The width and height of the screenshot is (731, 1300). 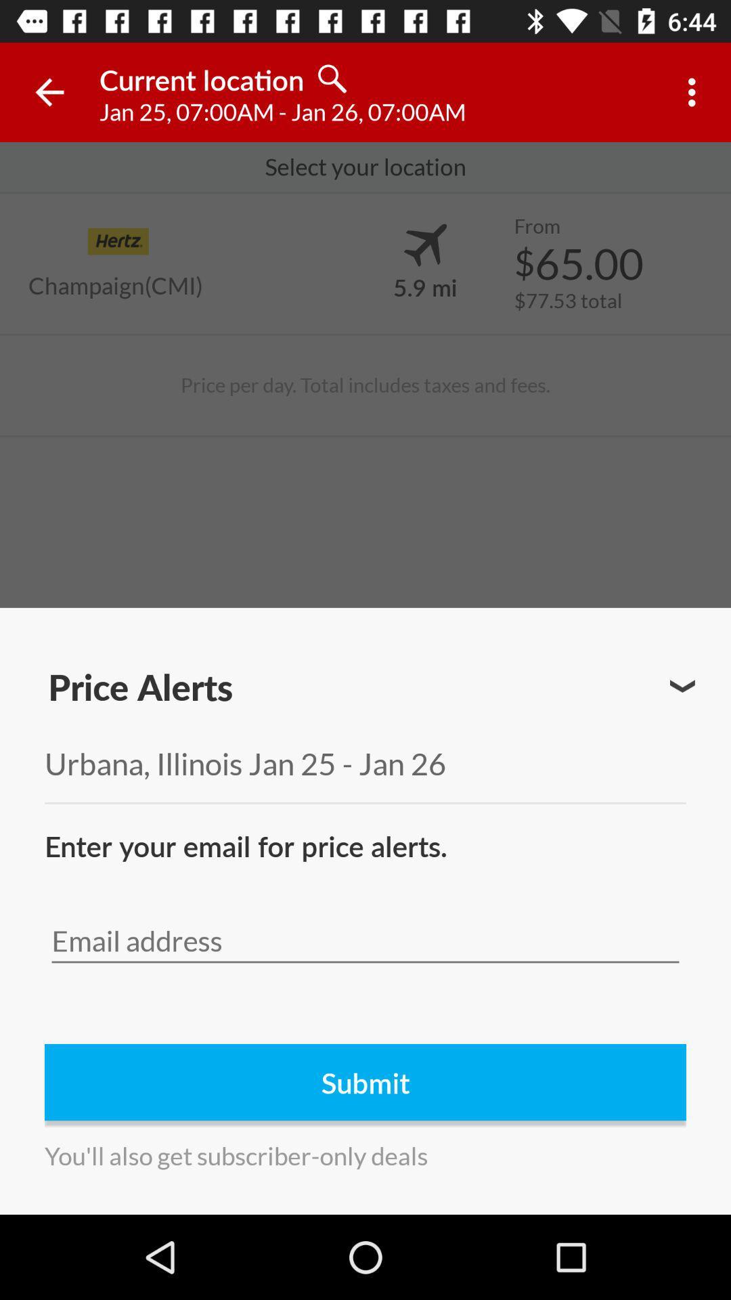 I want to click on expand field, so click(x=682, y=686).